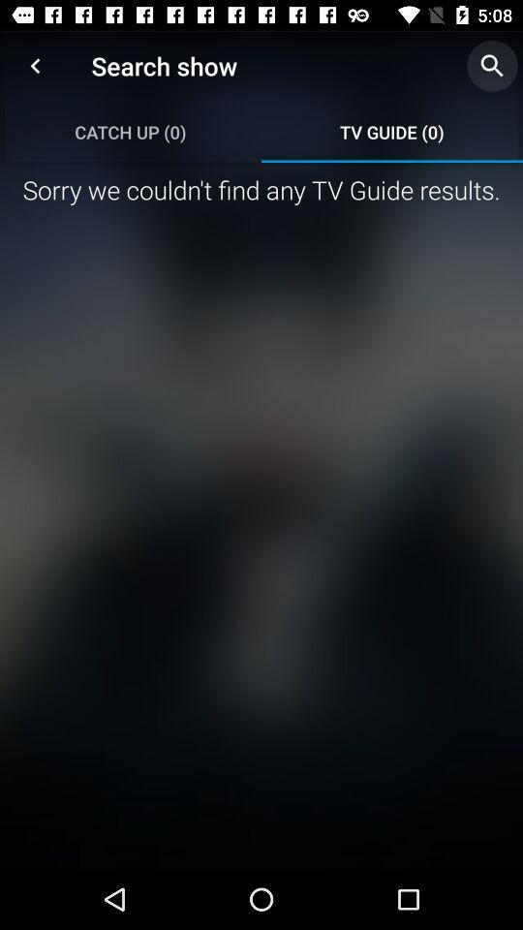 This screenshot has width=523, height=930. I want to click on the item above the catch up (0) icon, so click(35, 66).